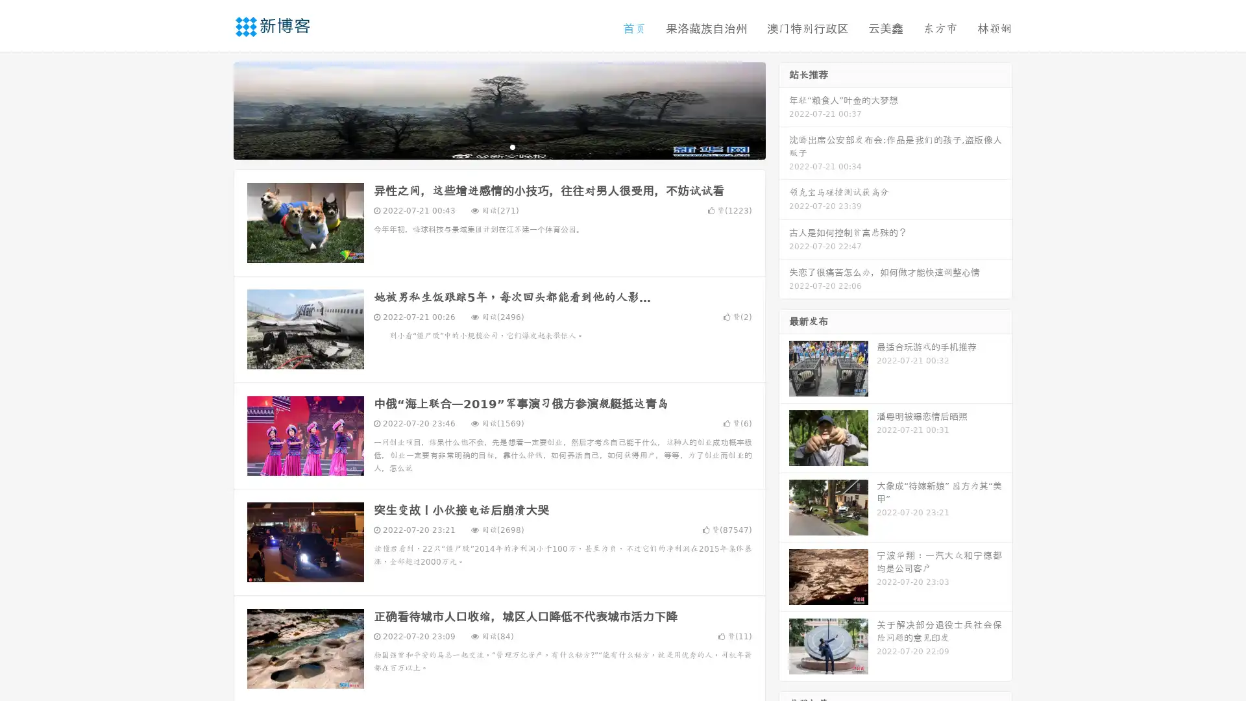 The image size is (1246, 701). Describe the element at coordinates (485, 146) in the screenshot. I see `Go to slide 1` at that location.